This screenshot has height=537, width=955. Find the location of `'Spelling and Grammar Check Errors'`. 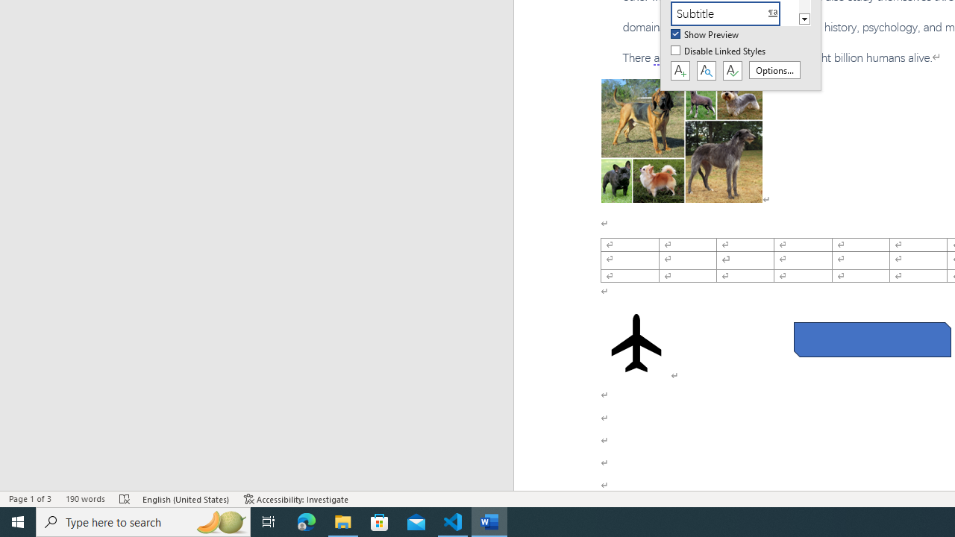

'Spelling and Grammar Check Errors' is located at coordinates (125, 499).